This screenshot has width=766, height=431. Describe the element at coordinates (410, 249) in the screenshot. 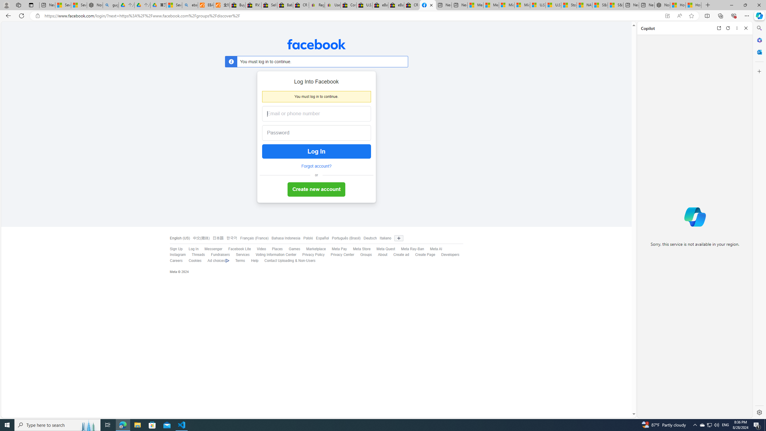

I see `'Meta Ray-Ban'` at that location.